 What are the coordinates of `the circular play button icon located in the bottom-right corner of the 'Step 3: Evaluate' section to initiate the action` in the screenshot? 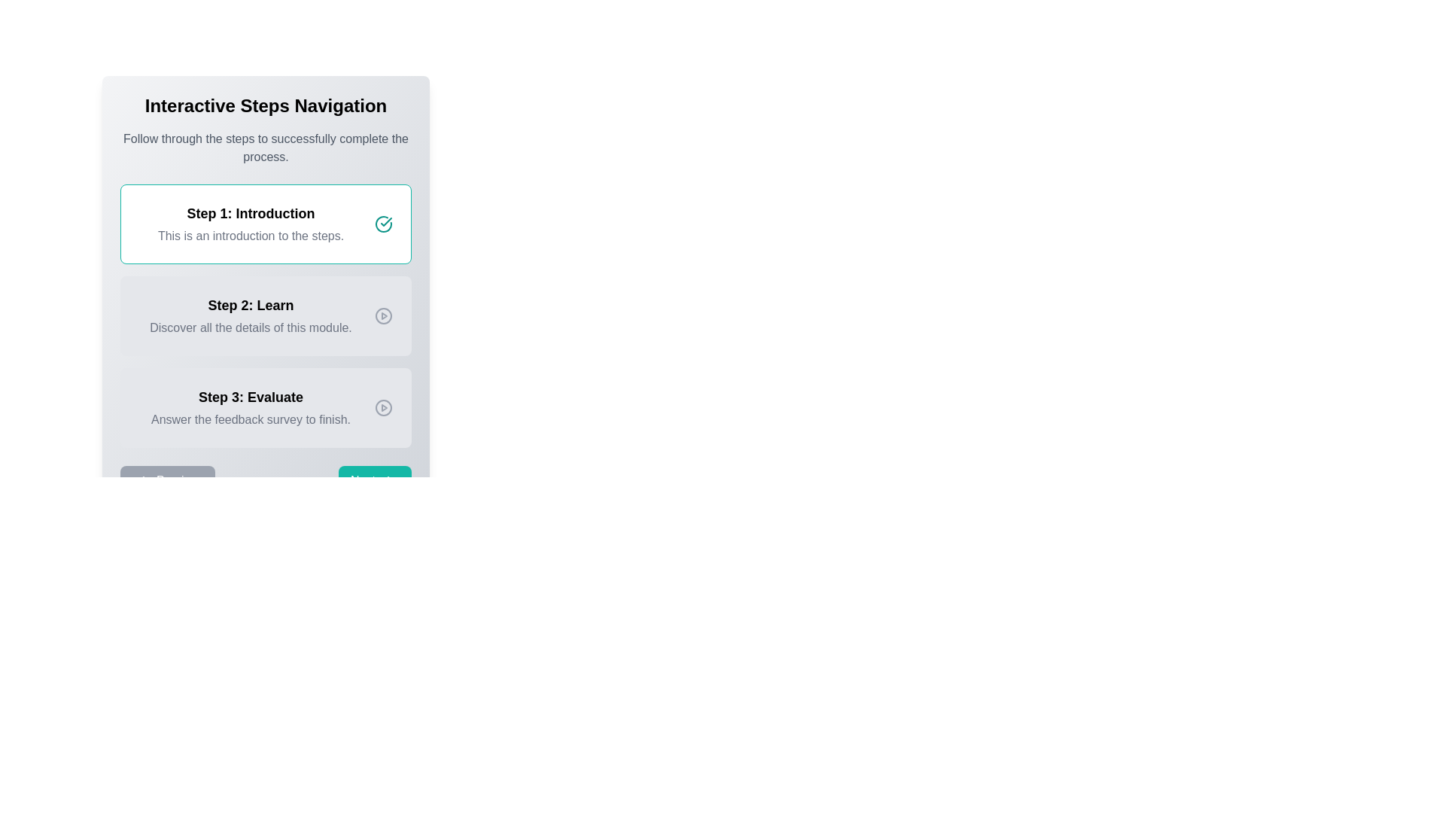 It's located at (383, 408).